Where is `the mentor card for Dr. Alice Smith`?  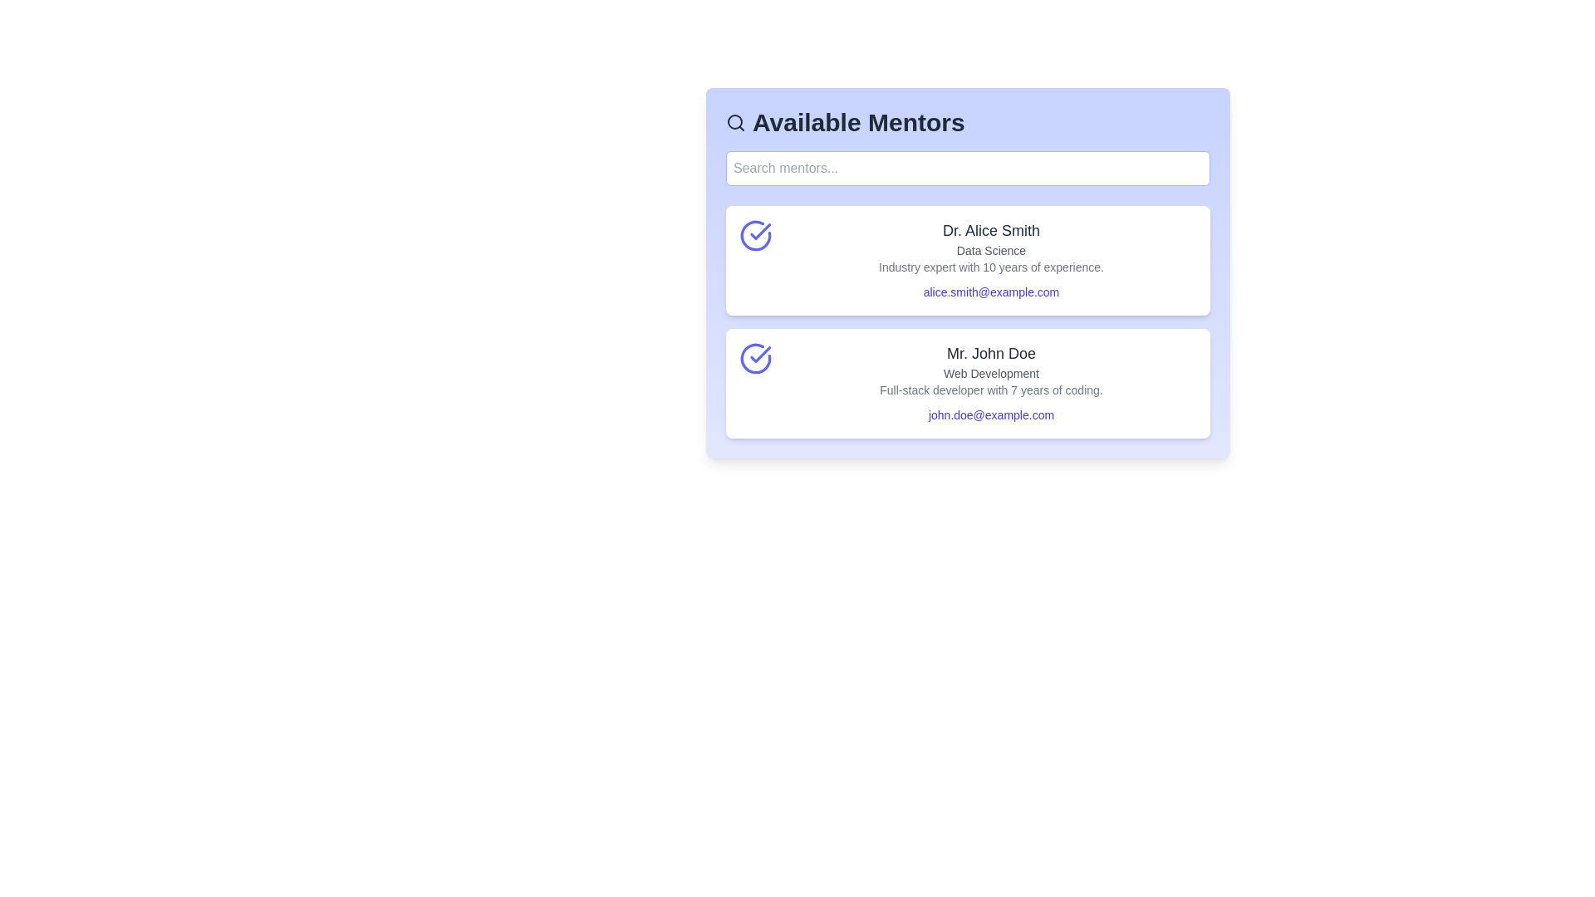
the mentor card for Dr. Alice Smith is located at coordinates (968, 260).